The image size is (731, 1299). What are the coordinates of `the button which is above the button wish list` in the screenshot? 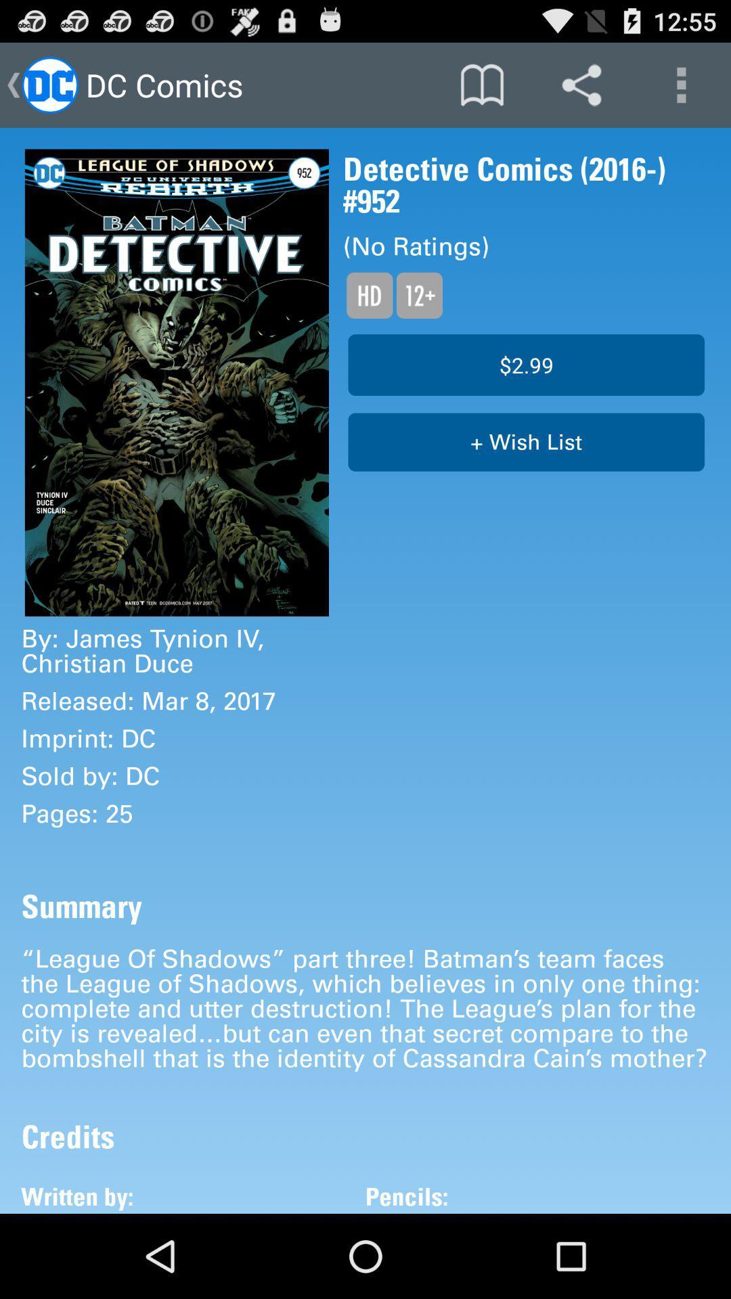 It's located at (526, 369).